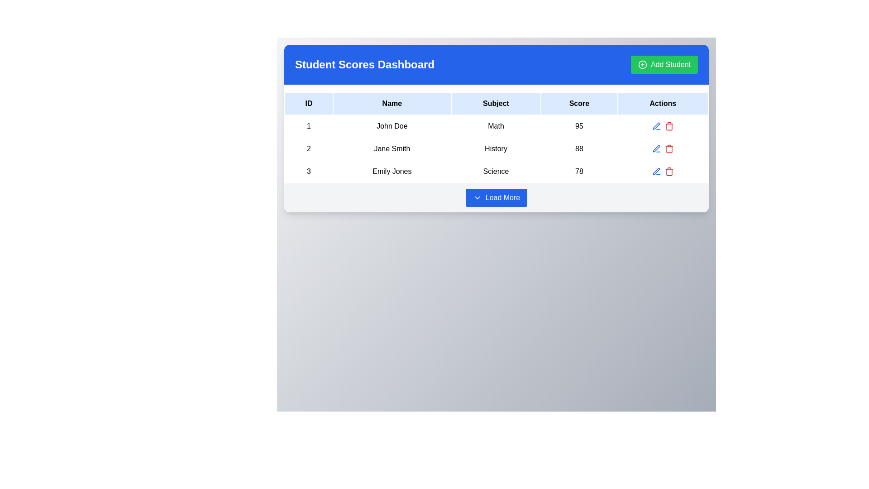 Image resolution: width=869 pixels, height=489 pixels. I want to click on the text label 'Emily Jones' located in the third row of the table under the 'Name' column, so click(392, 171).